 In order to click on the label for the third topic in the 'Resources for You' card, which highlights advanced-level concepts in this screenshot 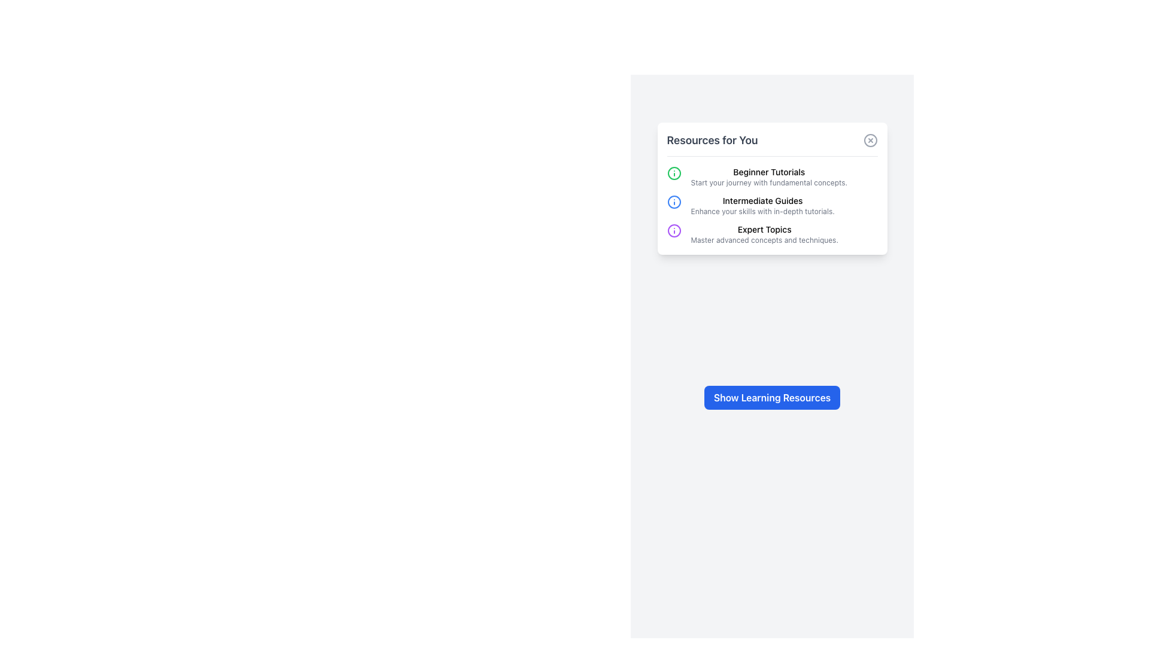, I will do `click(764, 230)`.